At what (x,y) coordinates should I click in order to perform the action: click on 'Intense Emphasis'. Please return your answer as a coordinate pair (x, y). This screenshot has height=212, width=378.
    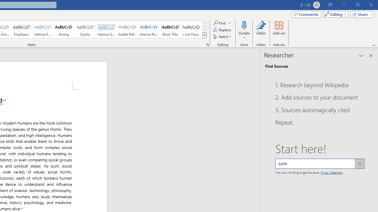
    Looking at the image, I should click on (42, 29).